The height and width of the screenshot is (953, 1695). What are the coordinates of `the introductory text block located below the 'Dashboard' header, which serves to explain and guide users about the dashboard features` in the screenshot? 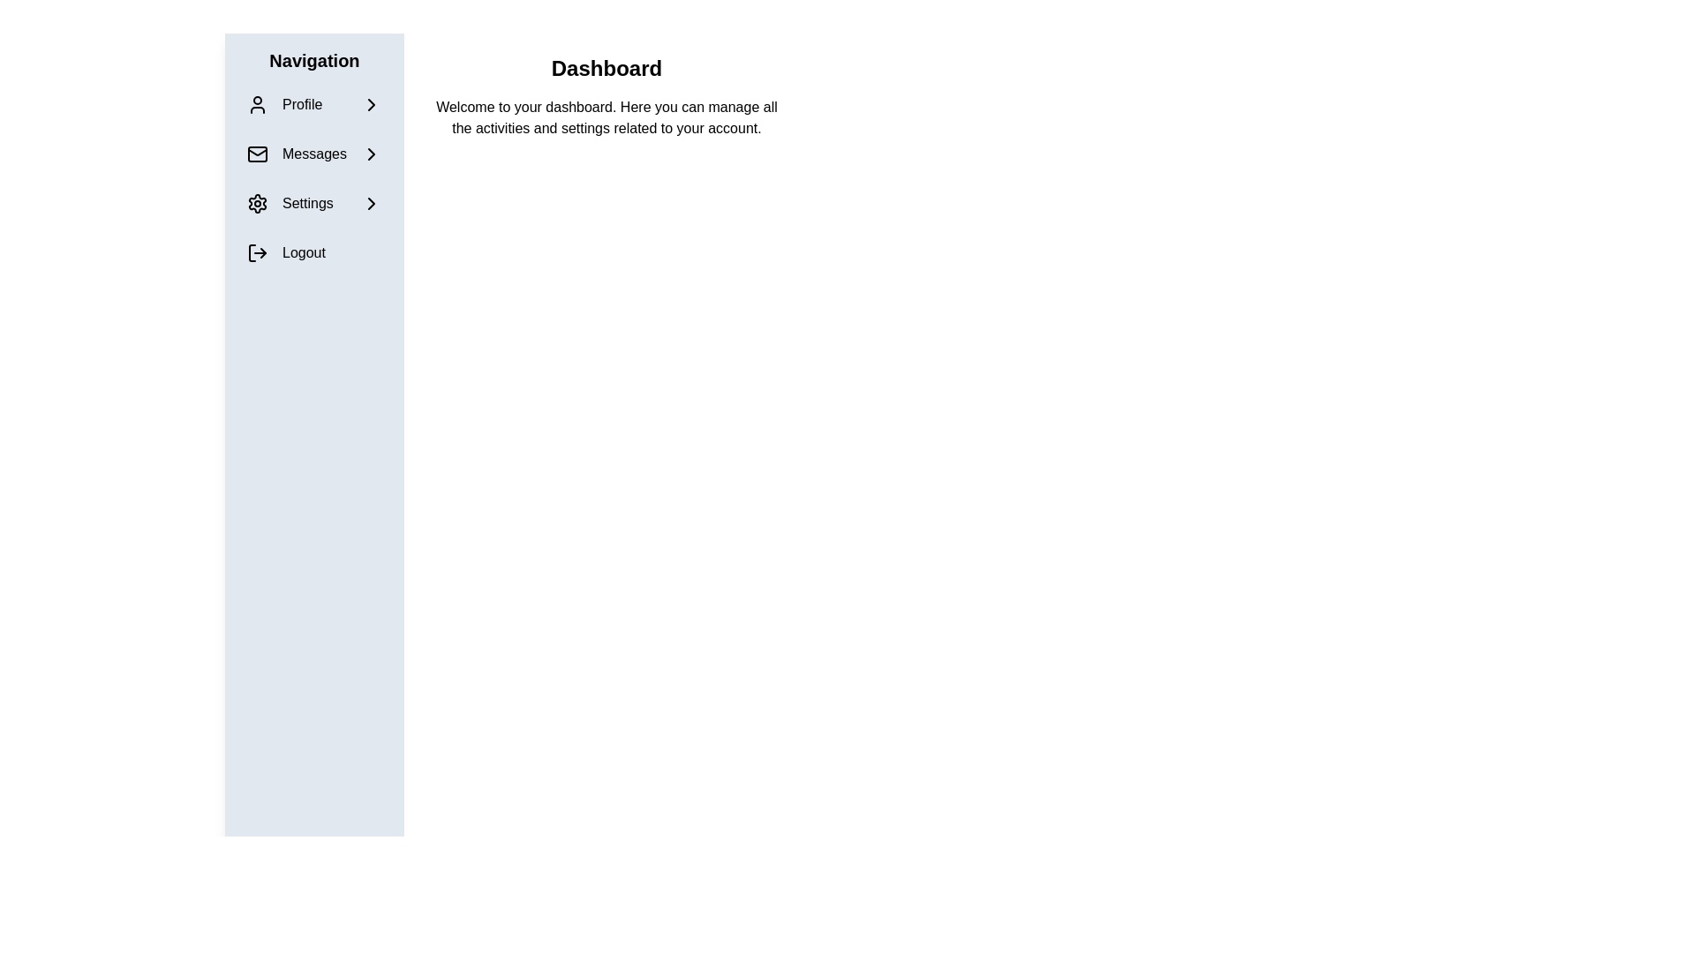 It's located at (606, 118).